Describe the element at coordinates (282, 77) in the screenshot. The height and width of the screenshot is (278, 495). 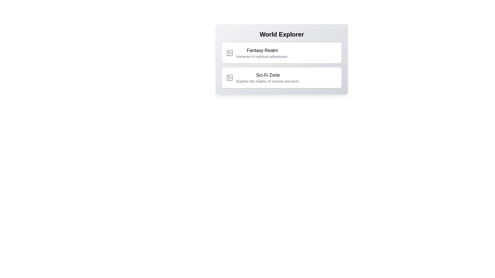
I see `the second navigational option under the 'World Explorer' section, which is related to science and technology` at that location.